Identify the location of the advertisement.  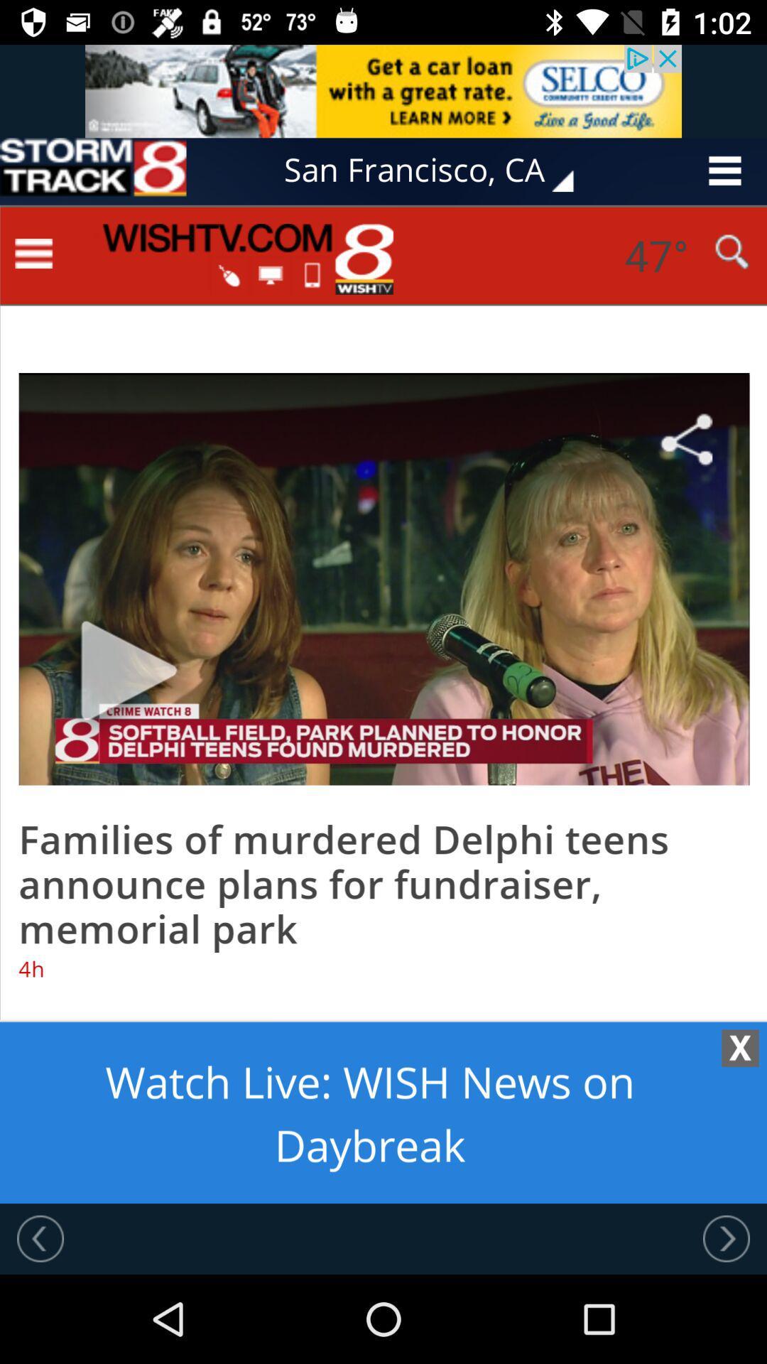
(93, 170).